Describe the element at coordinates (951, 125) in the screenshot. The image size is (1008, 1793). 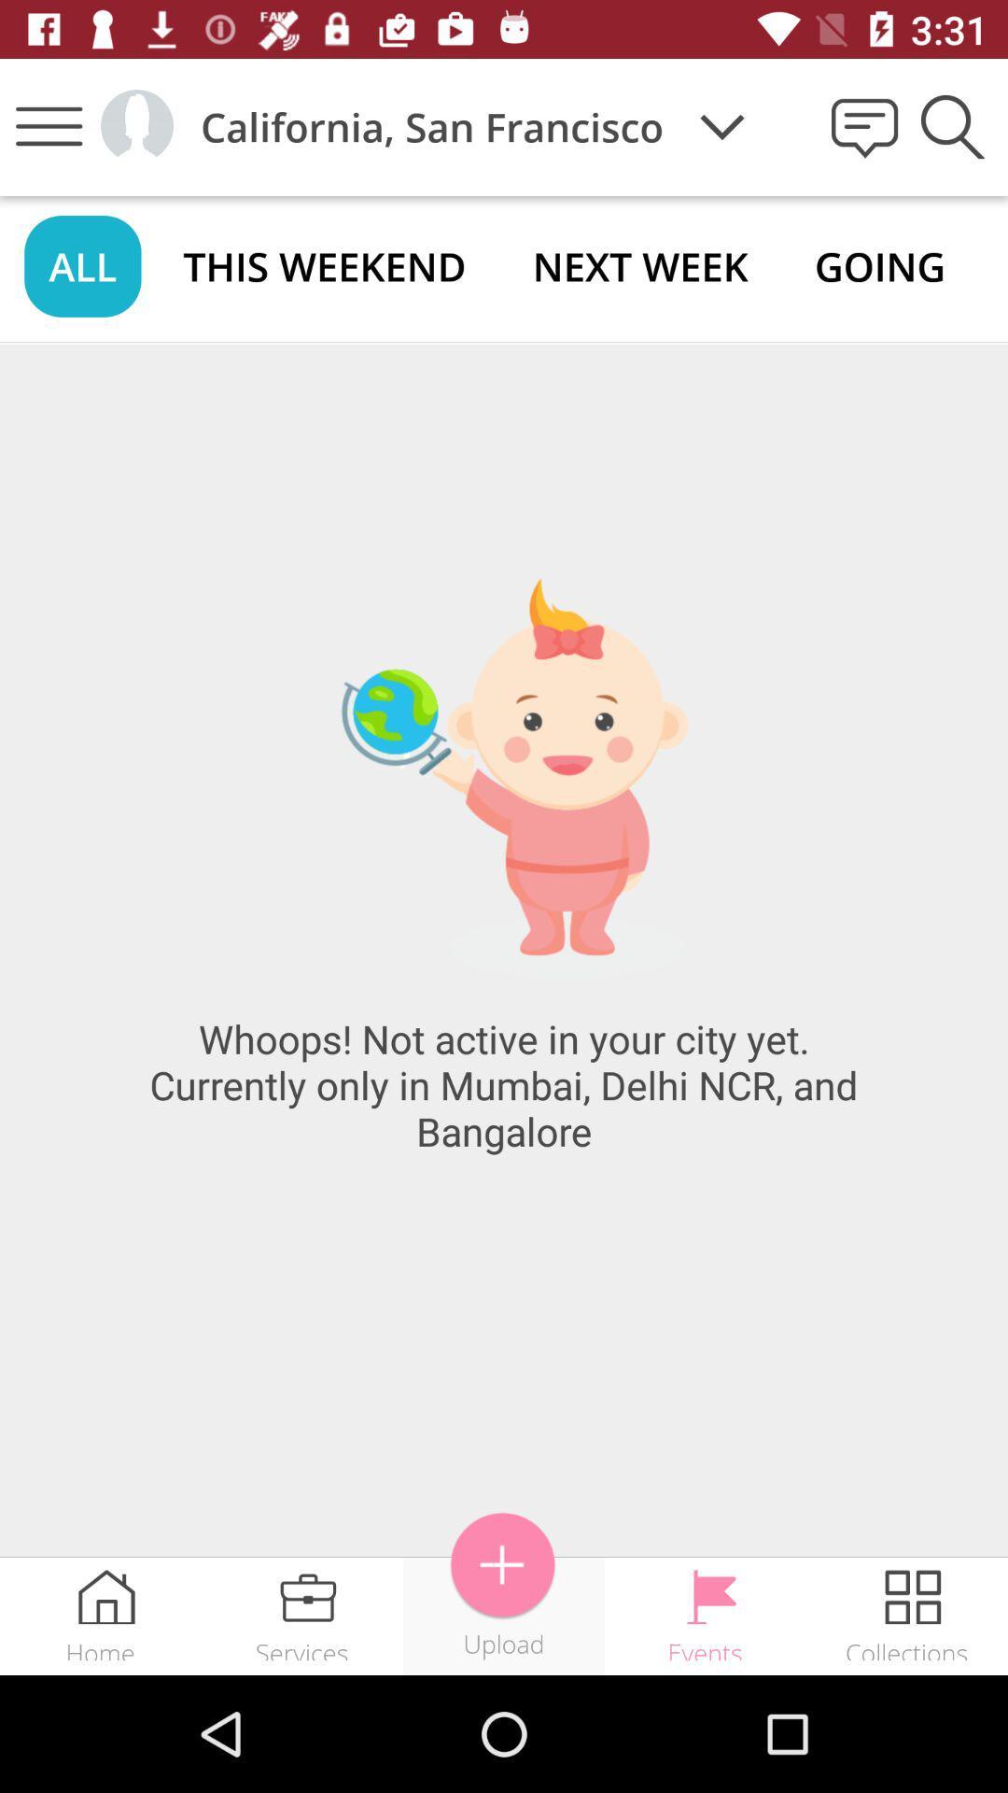
I see `icon above going` at that location.